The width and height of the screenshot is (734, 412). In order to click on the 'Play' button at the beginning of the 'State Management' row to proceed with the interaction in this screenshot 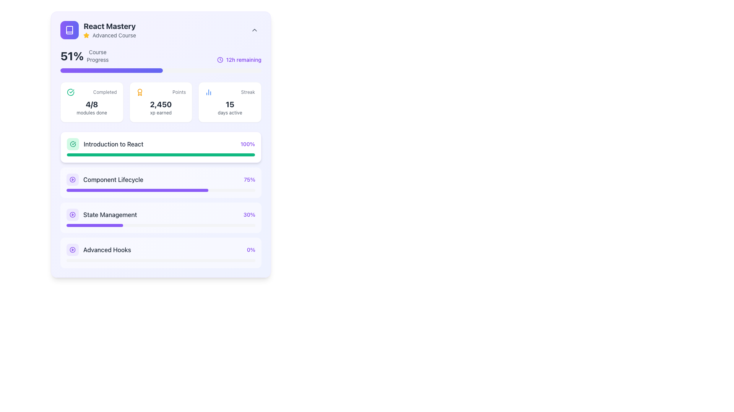, I will do `click(73, 215)`.